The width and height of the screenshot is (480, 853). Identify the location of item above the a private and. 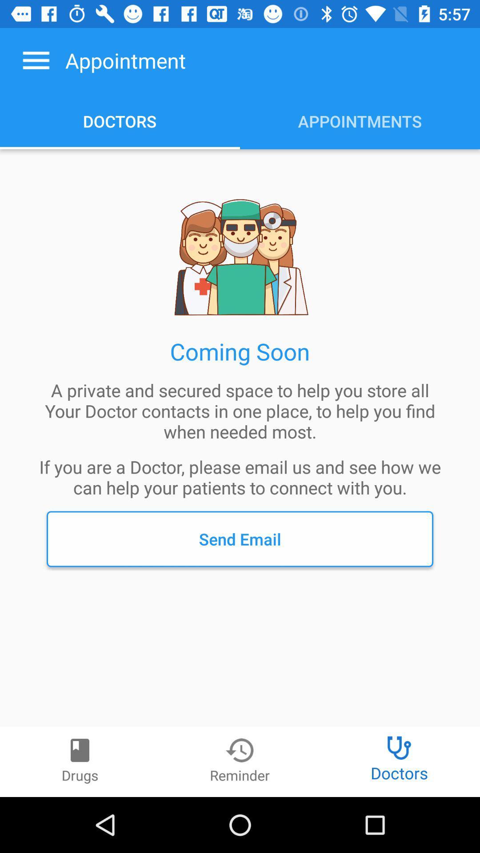
(36, 60).